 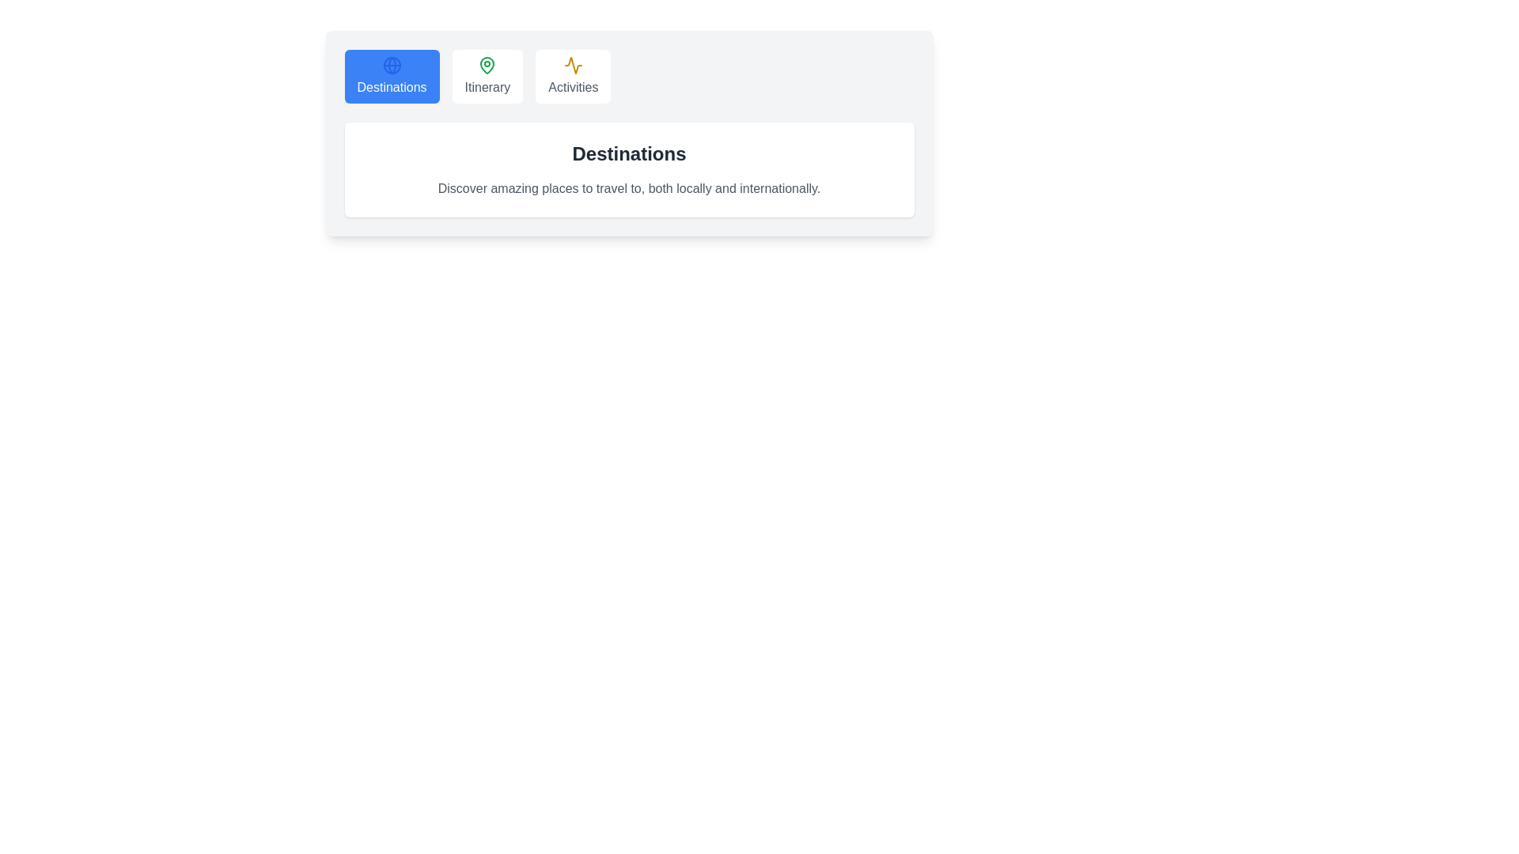 I want to click on the Activities tab to view its content, so click(x=572, y=76).